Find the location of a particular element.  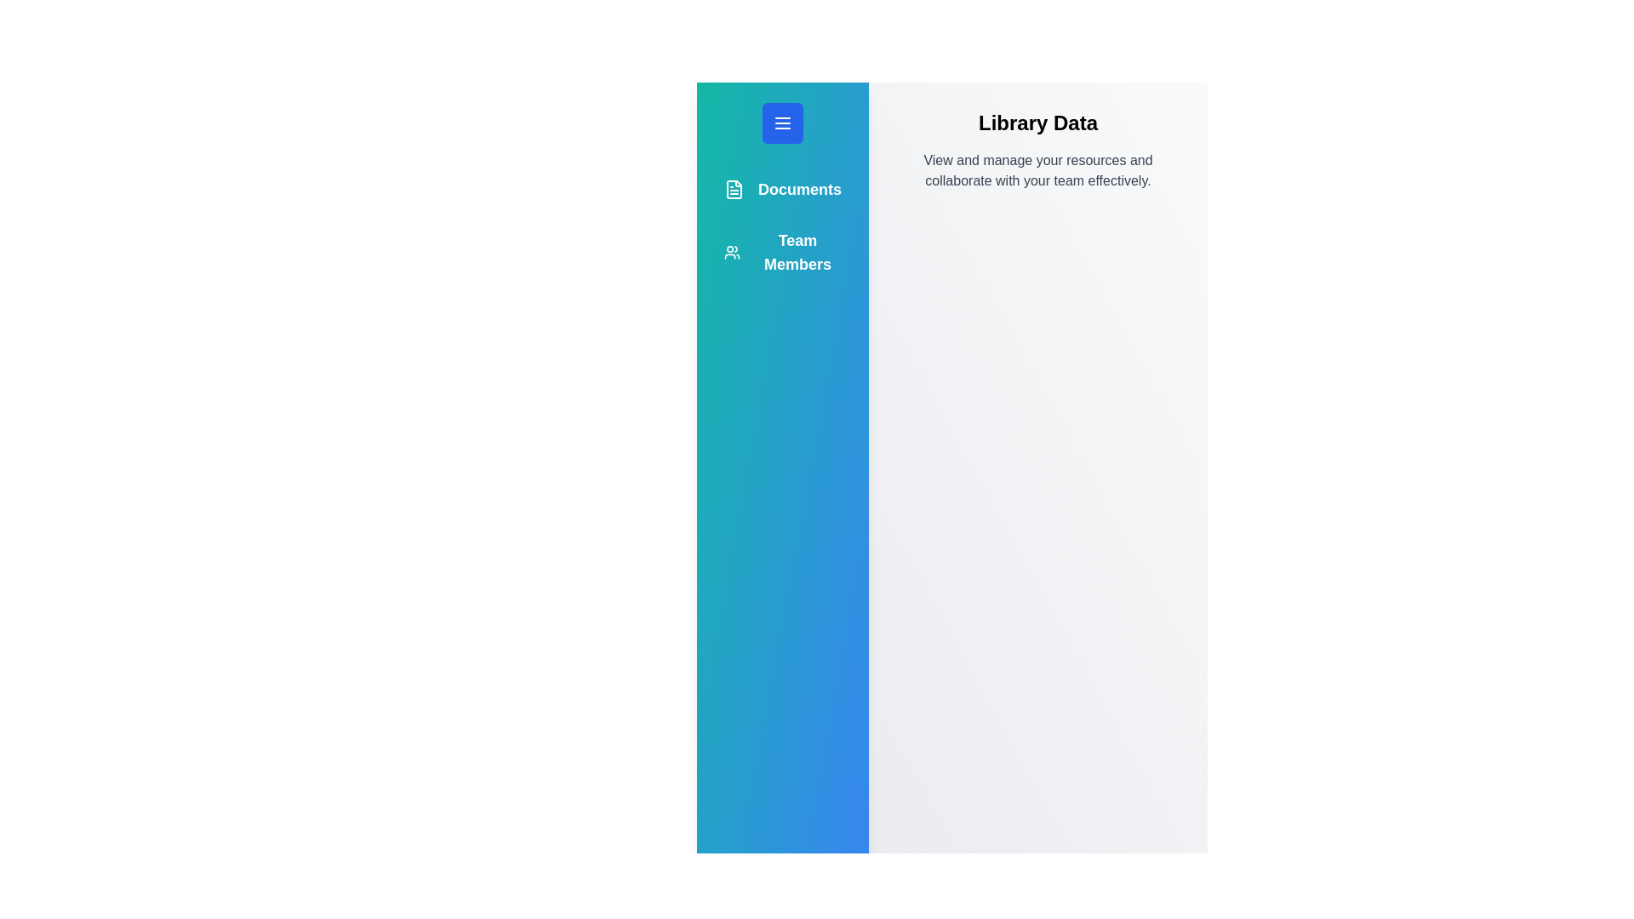

the 'Library Data' title to focus on it is located at coordinates (1037, 123).